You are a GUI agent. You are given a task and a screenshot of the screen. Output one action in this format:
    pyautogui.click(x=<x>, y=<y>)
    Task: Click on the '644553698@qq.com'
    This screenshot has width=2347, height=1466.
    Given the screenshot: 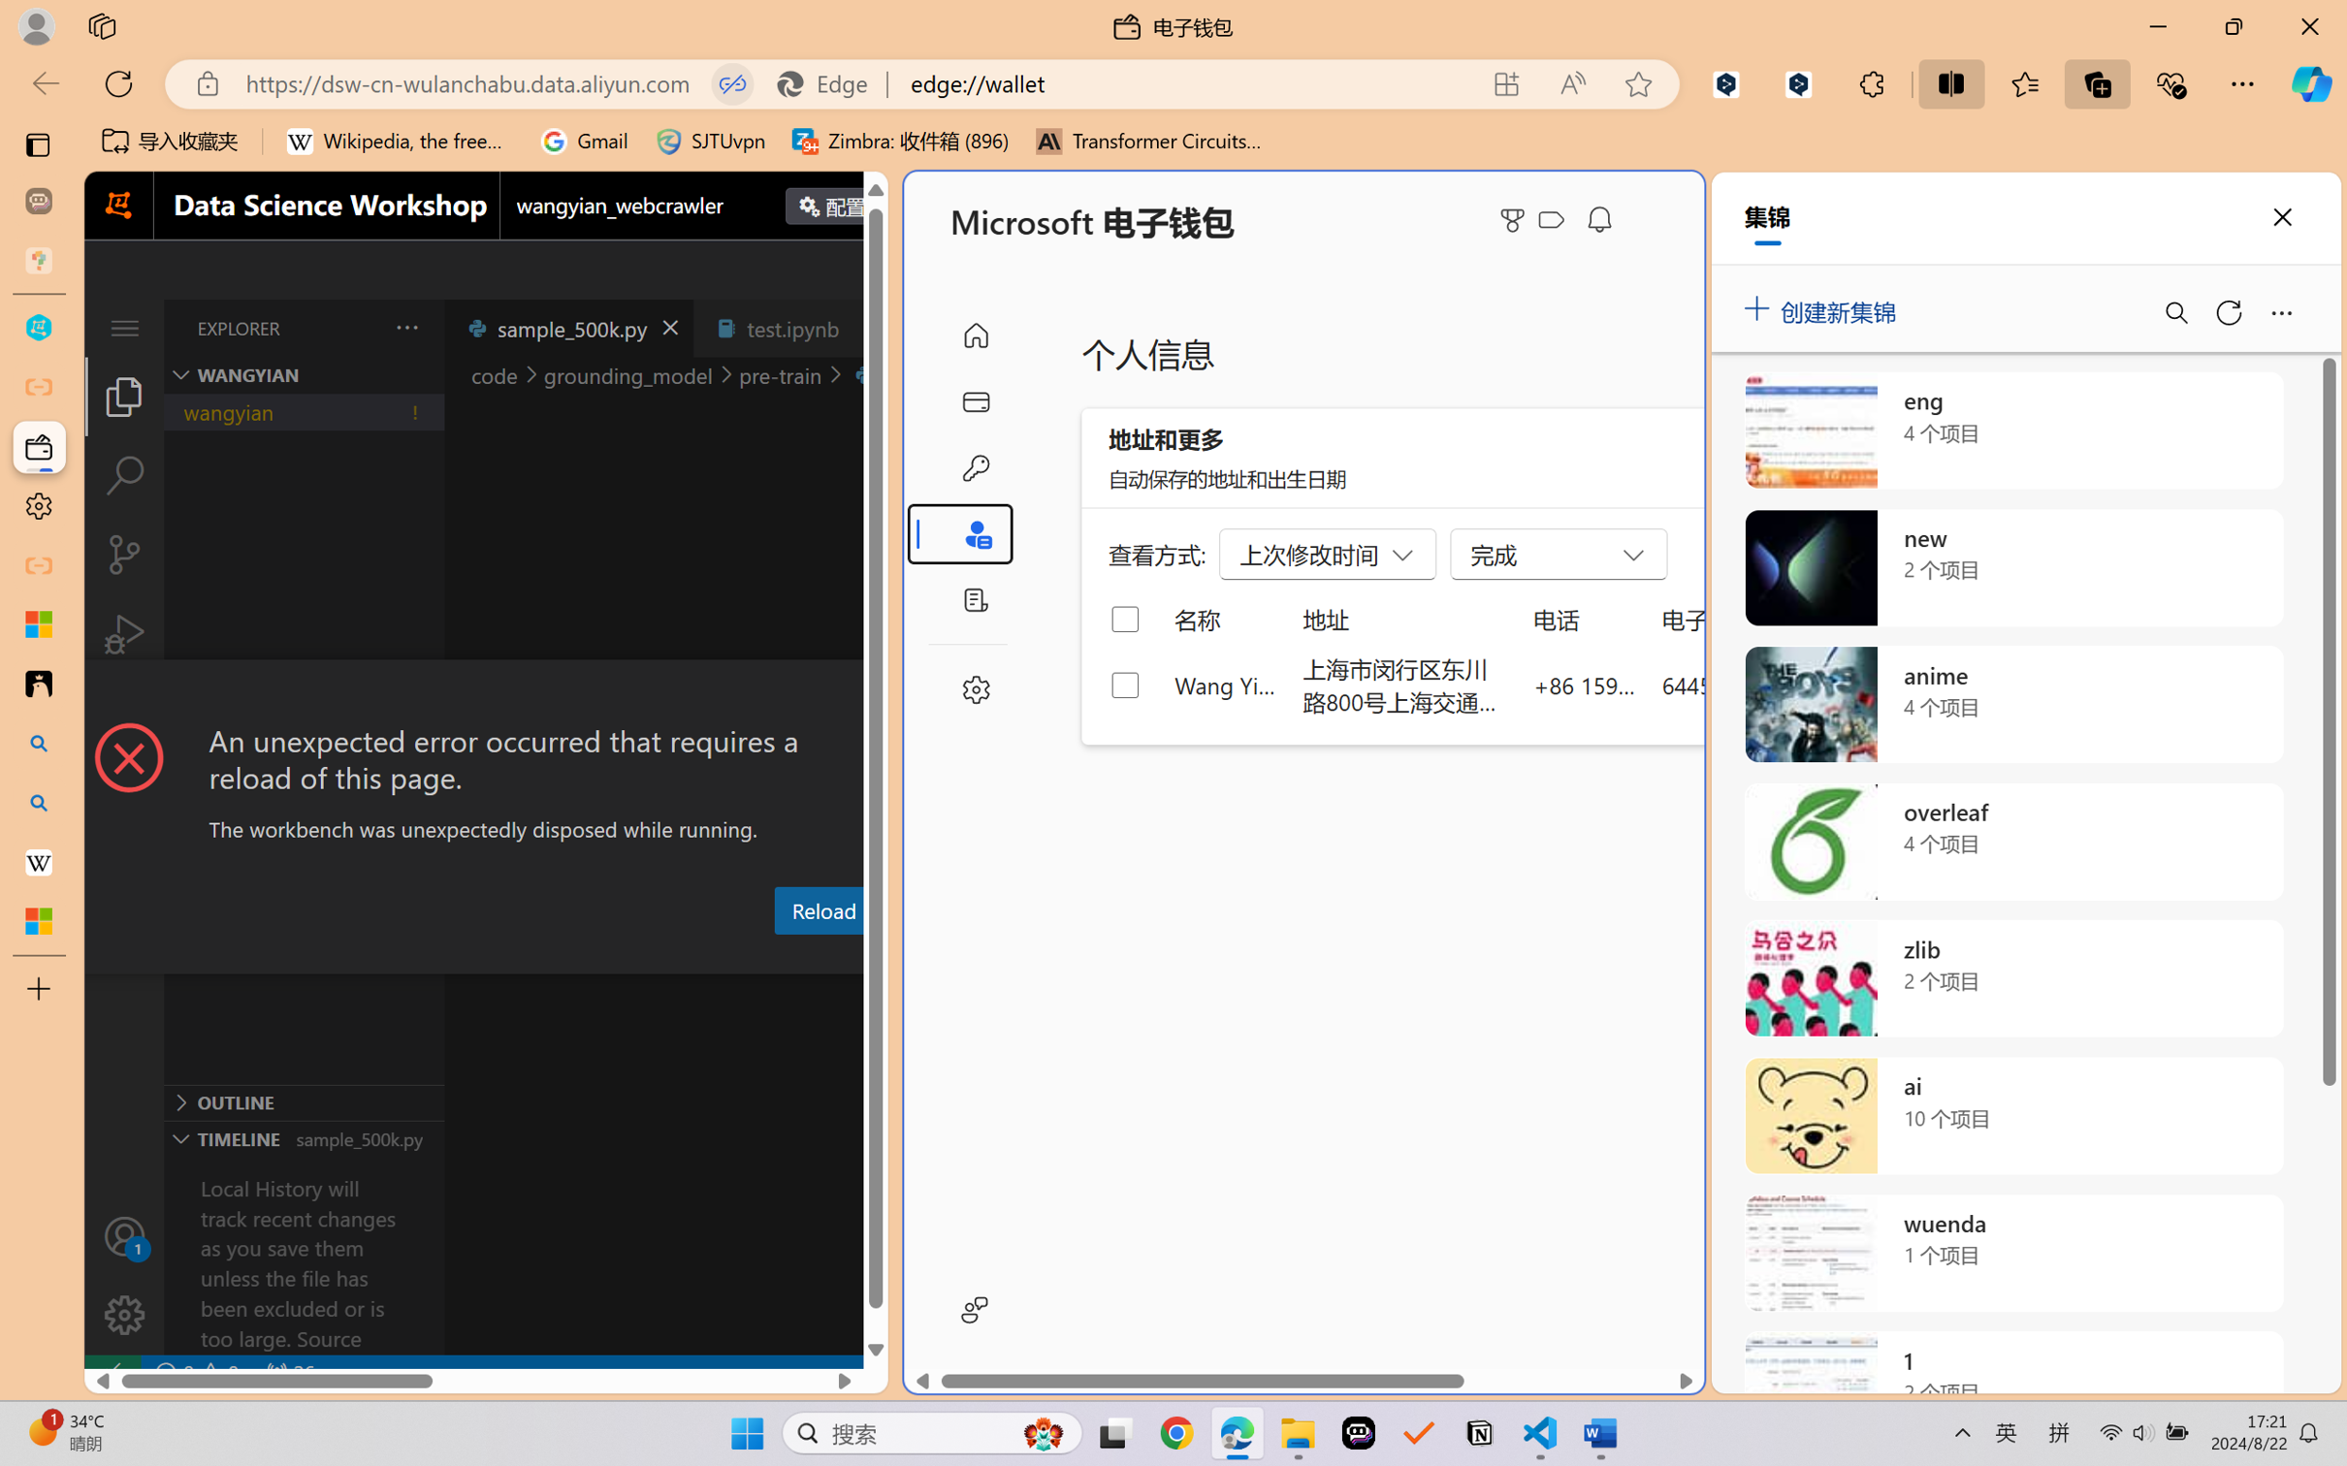 What is the action you would take?
    pyautogui.click(x=1763, y=684)
    